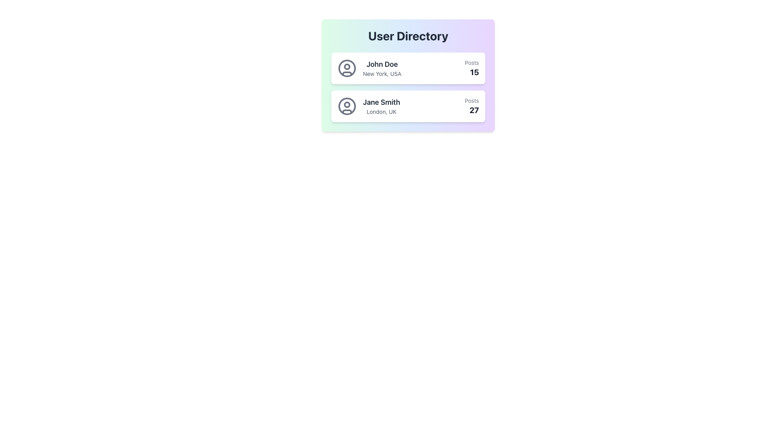 The width and height of the screenshot is (760, 427). What do you see at coordinates (382, 102) in the screenshot?
I see `the text label that identifies a user in the directory, positioned above the user's location and to the left of the post count` at bounding box center [382, 102].